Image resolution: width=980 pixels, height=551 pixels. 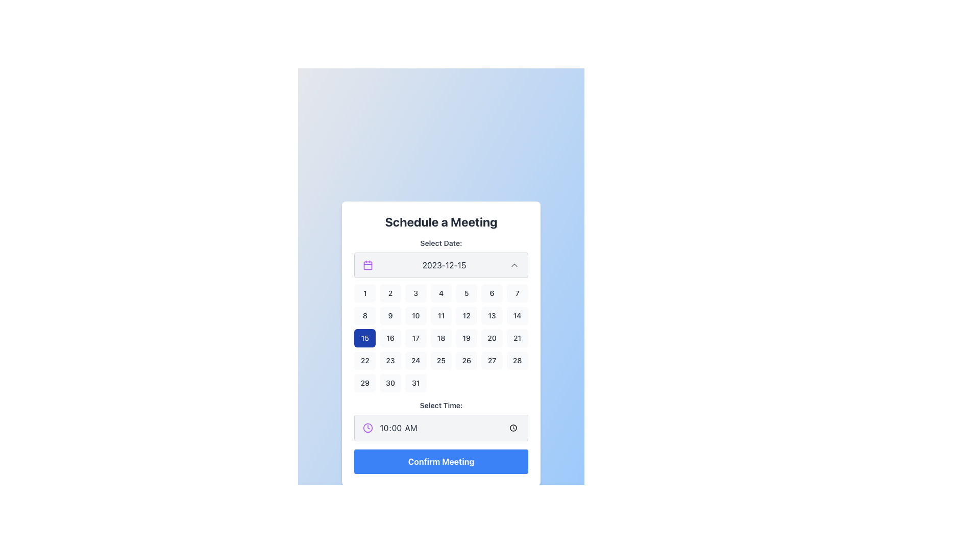 I want to click on the button to select the date '15' in the calendar interface, which is visually distinct with a deep blue background and located in the third row, first column of the date grid, so click(x=365, y=338).